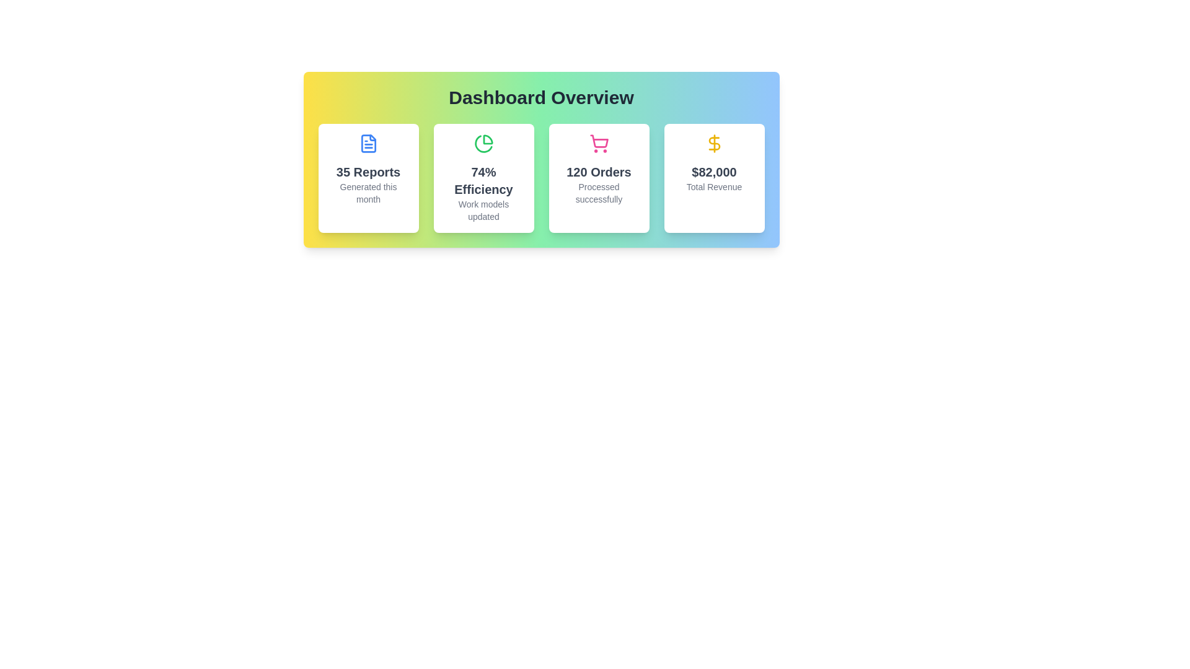 The height and width of the screenshot is (669, 1190). What do you see at coordinates (483, 209) in the screenshot?
I see `the supplemental Text element providing context for the '74% Efficiency' metric, located centrally below it within the second card in a row of four cards` at bounding box center [483, 209].